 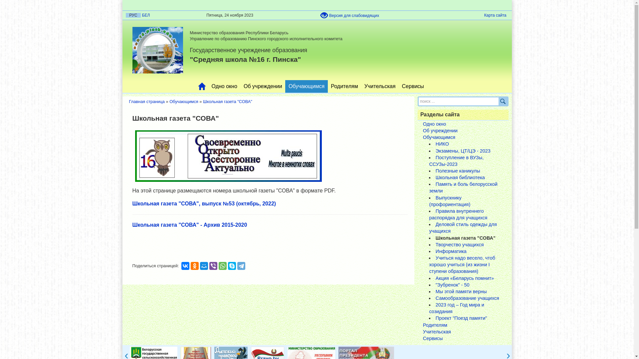 I want to click on 'Telegram', so click(x=241, y=265).